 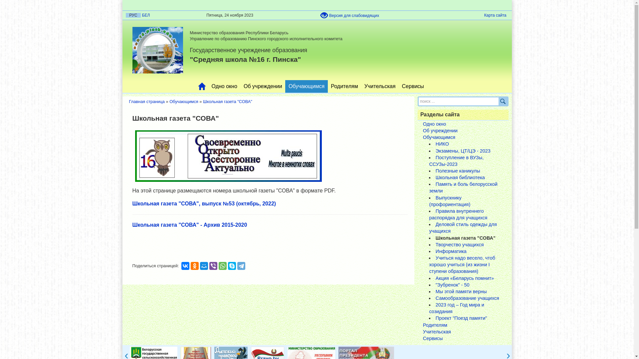 I want to click on 'Telegram', so click(x=241, y=265).